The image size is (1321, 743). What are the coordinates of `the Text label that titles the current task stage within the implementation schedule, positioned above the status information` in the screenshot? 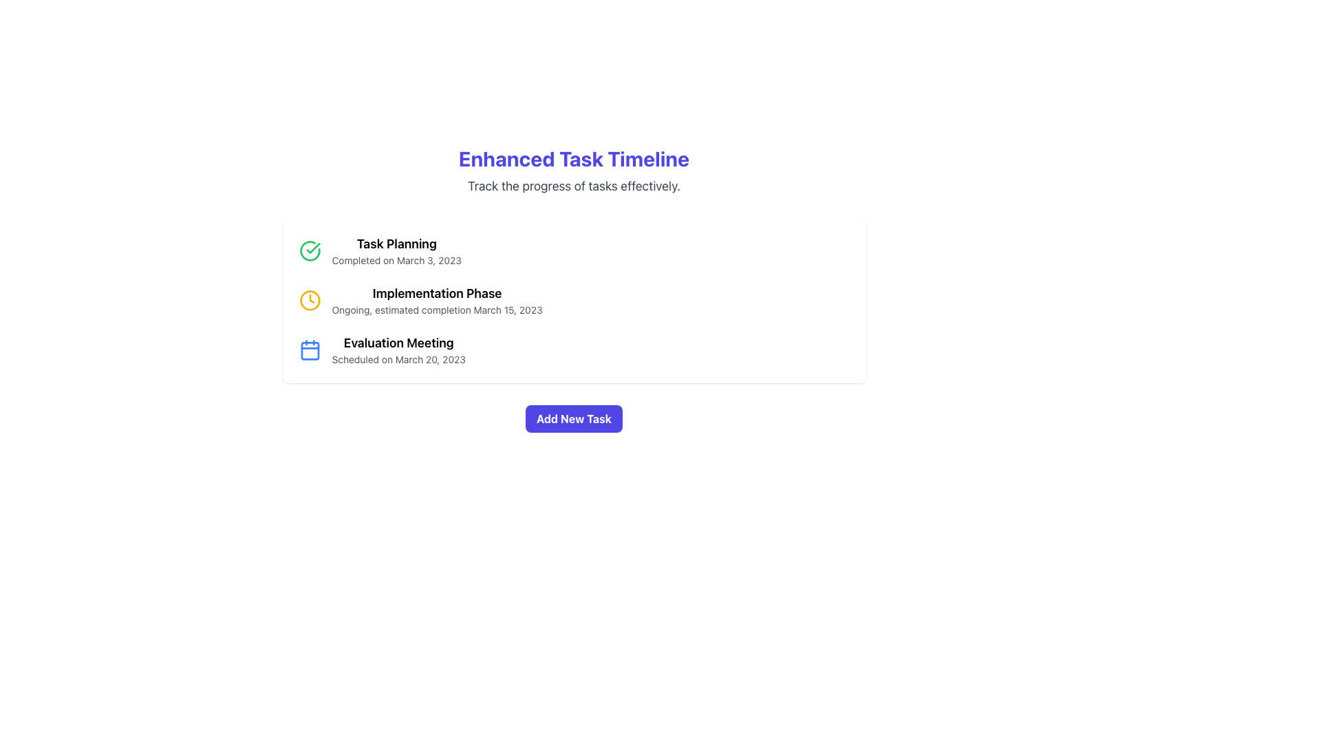 It's located at (436, 293).